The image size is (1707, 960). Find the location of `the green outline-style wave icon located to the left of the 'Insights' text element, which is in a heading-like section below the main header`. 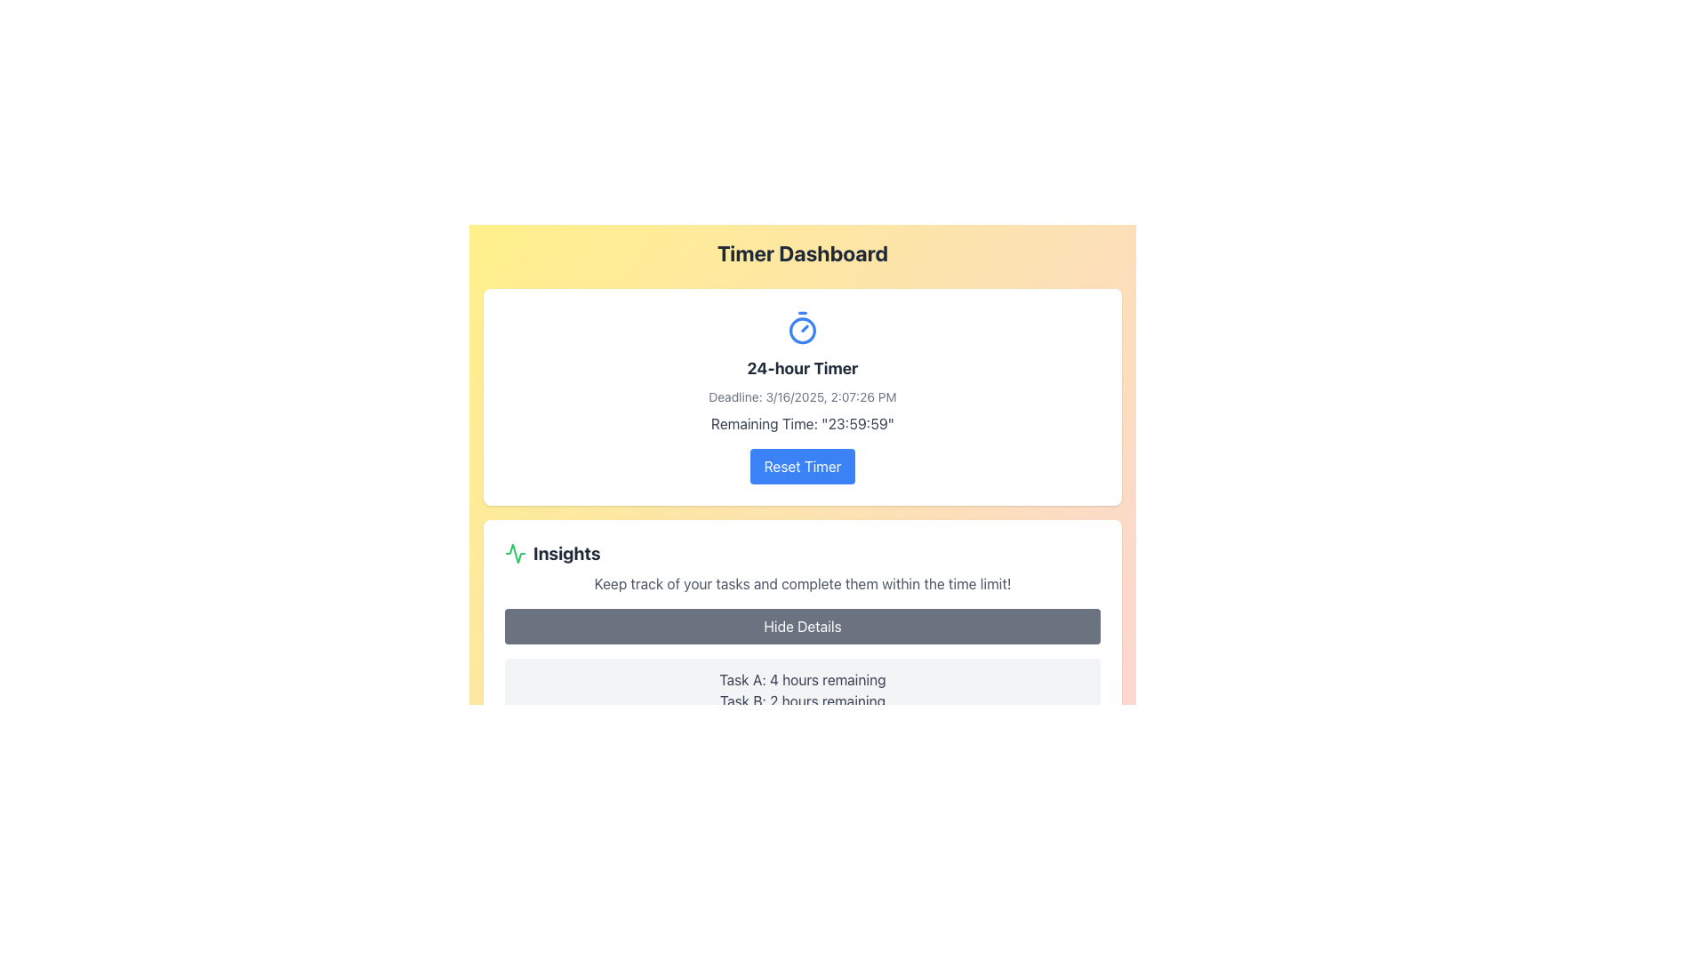

the green outline-style wave icon located to the left of the 'Insights' text element, which is in a heading-like section below the main header is located at coordinates (515, 553).